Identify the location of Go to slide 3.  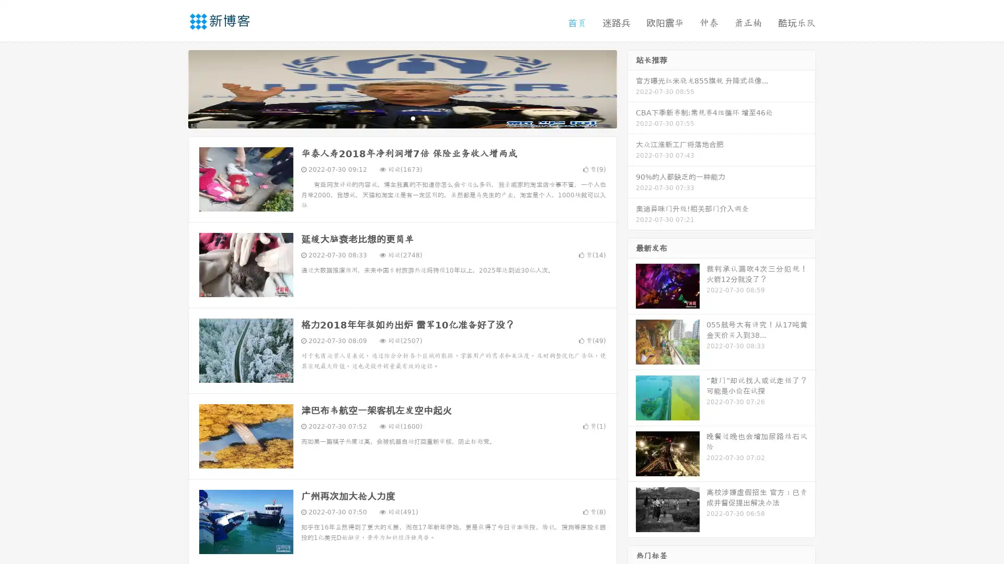
(413, 118).